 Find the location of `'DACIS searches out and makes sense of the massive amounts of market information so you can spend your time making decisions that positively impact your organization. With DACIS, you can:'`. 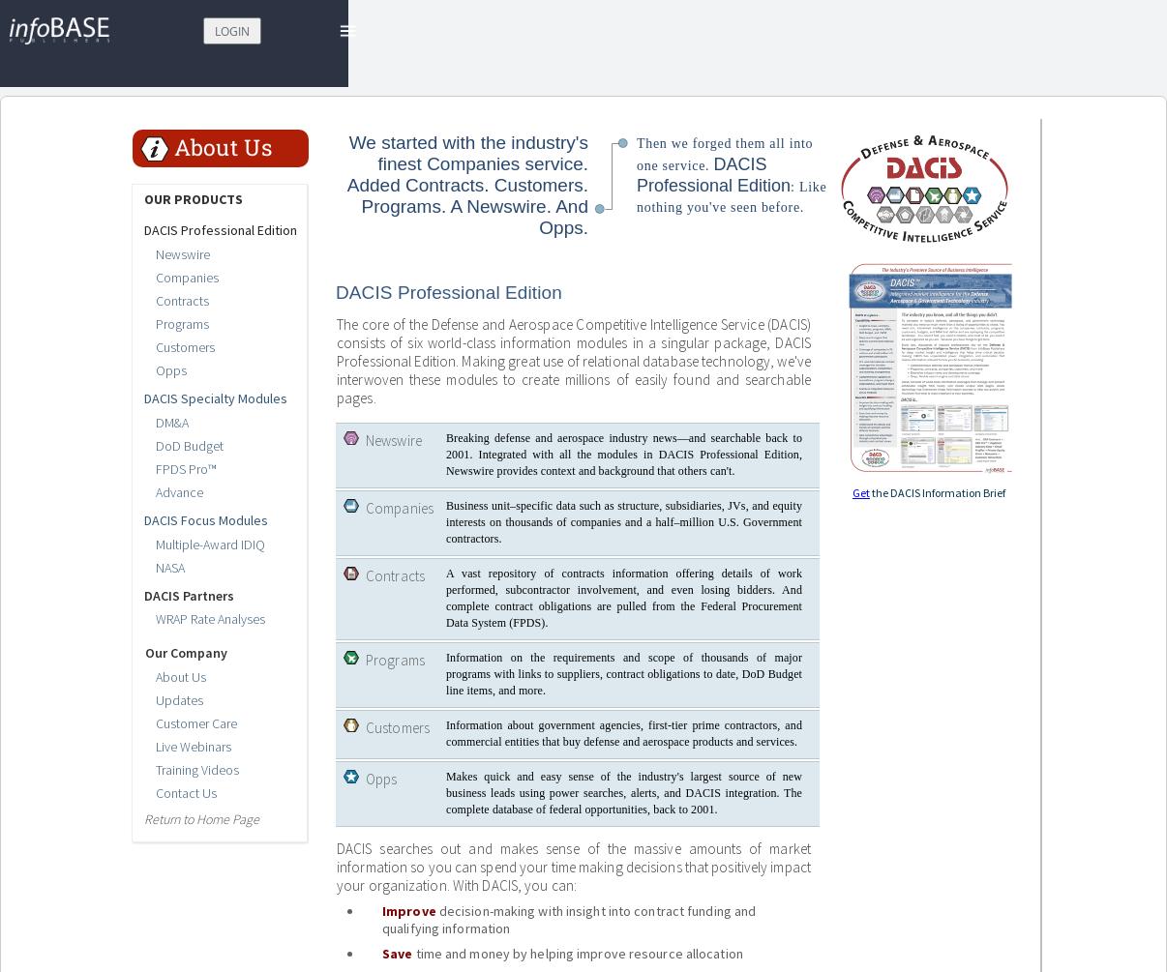

'DACIS searches out and makes sense of the massive amounts of market information so you can spend your time making decisions that positively impact your organization. With DACIS, you can:' is located at coordinates (337, 866).